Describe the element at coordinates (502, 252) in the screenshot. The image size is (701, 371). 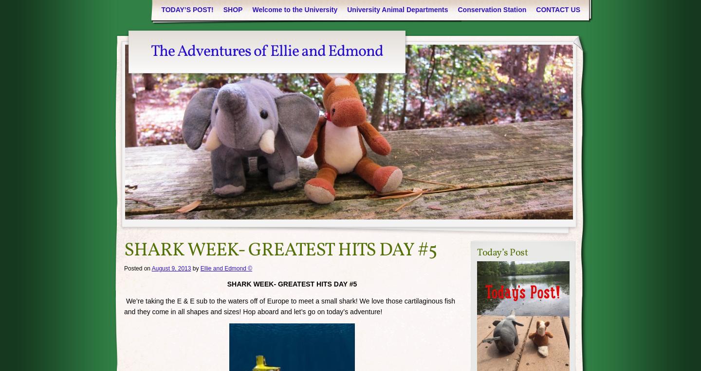
I see `'Today’s Post'` at that location.